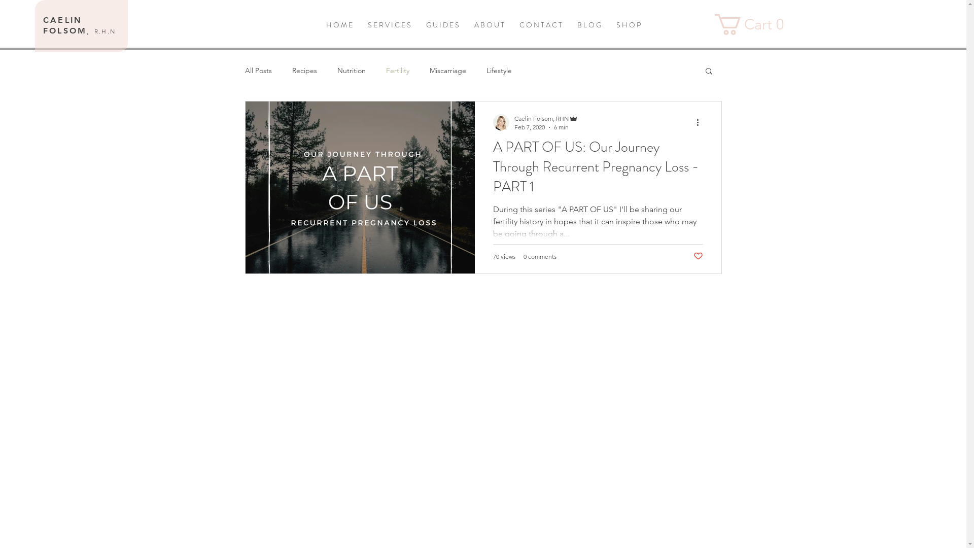 Image resolution: width=974 pixels, height=548 pixels. What do you see at coordinates (499, 70) in the screenshot?
I see `'Lifestyle'` at bounding box center [499, 70].